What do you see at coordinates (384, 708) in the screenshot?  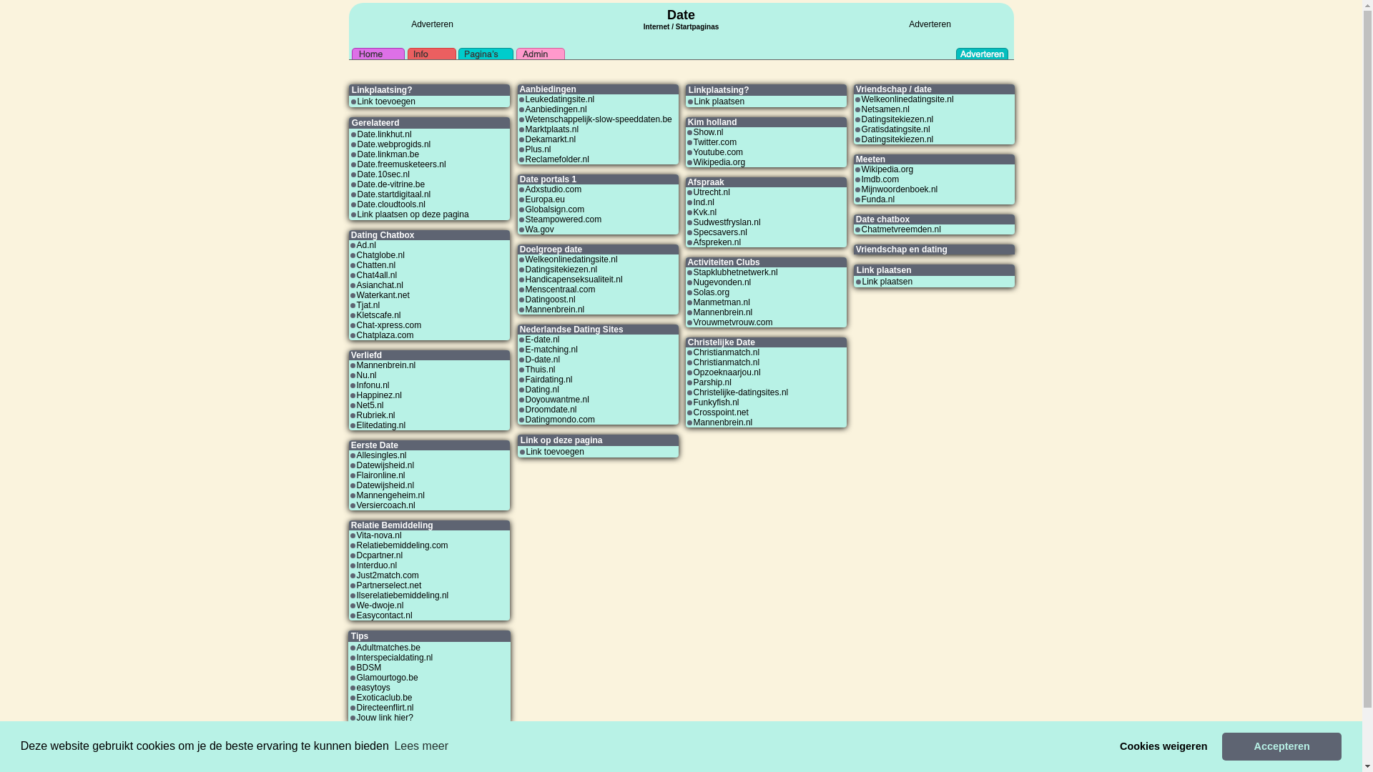 I see `'Directeenflirt.nl'` at bounding box center [384, 708].